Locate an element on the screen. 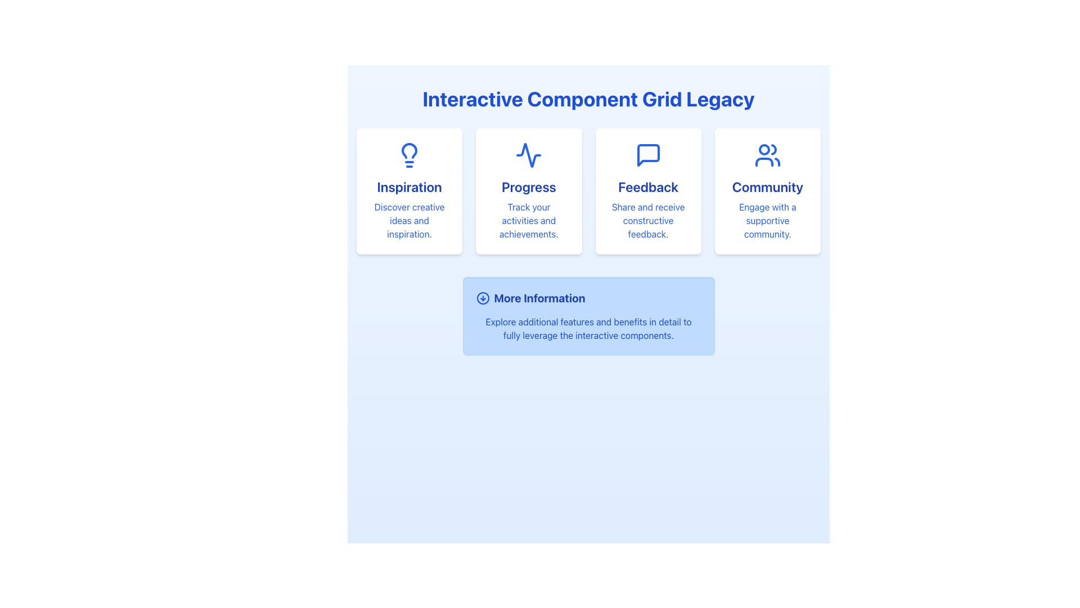 The height and width of the screenshot is (608, 1080). the blue-bordered speech bubble icon located in the 'Feedback' section of the grid layout, positioned between the 'Progress' and 'Community' icons is located at coordinates (648, 155).